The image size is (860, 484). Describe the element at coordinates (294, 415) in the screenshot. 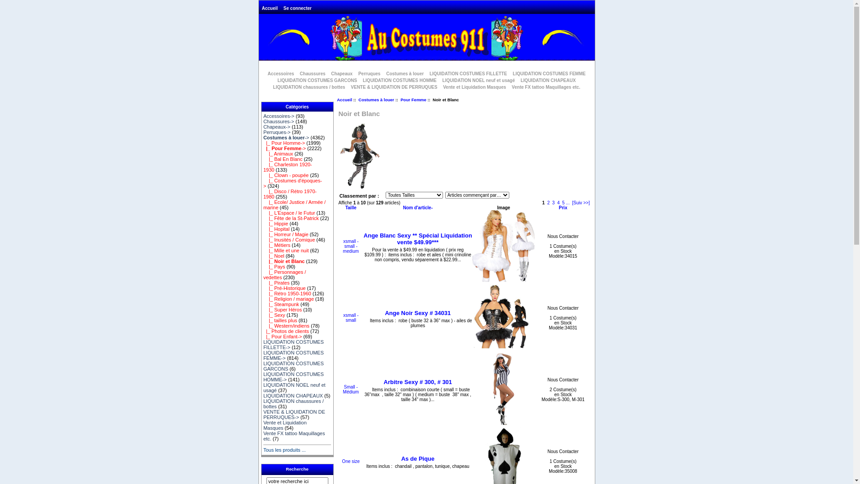

I see `'VENTE & LIQUIDATION DE PERRUQUES->'` at that location.